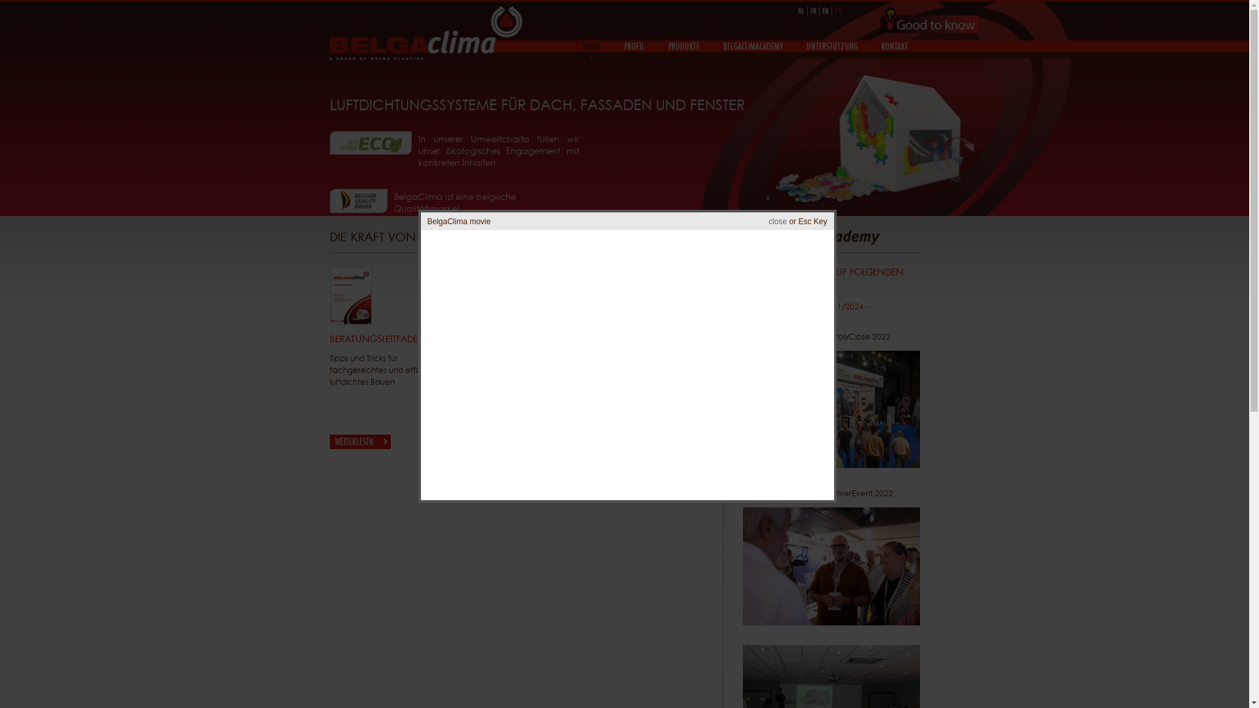 The height and width of the screenshot is (708, 1259). Describe the element at coordinates (869, 45) in the screenshot. I see `'KONTAKT'` at that location.